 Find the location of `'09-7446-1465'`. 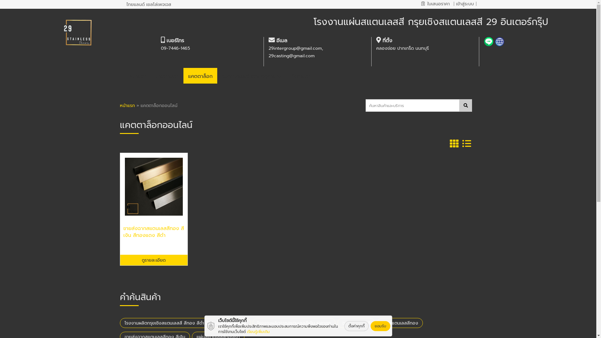

'09-7446-1465' is located at coordinates (175, 48).